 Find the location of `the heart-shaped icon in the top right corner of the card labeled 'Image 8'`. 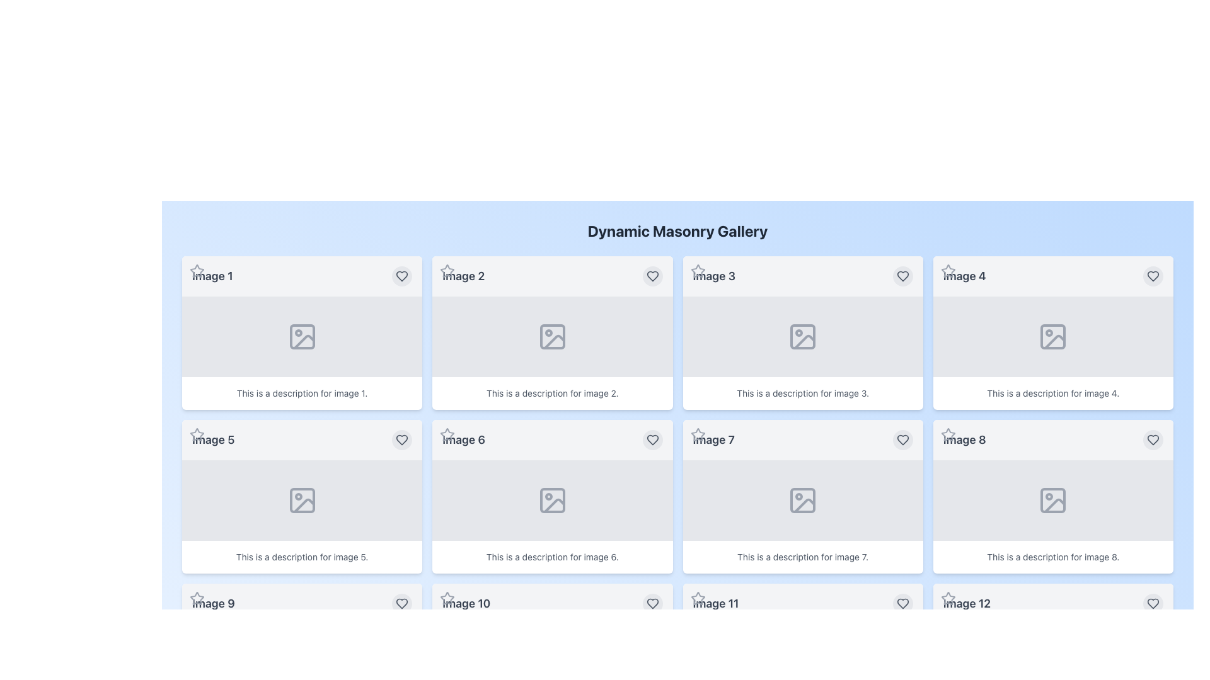

the heart-shaped icon in the top right corner of the card labeled 'Image 8' is located at coordinates (1153, 439).